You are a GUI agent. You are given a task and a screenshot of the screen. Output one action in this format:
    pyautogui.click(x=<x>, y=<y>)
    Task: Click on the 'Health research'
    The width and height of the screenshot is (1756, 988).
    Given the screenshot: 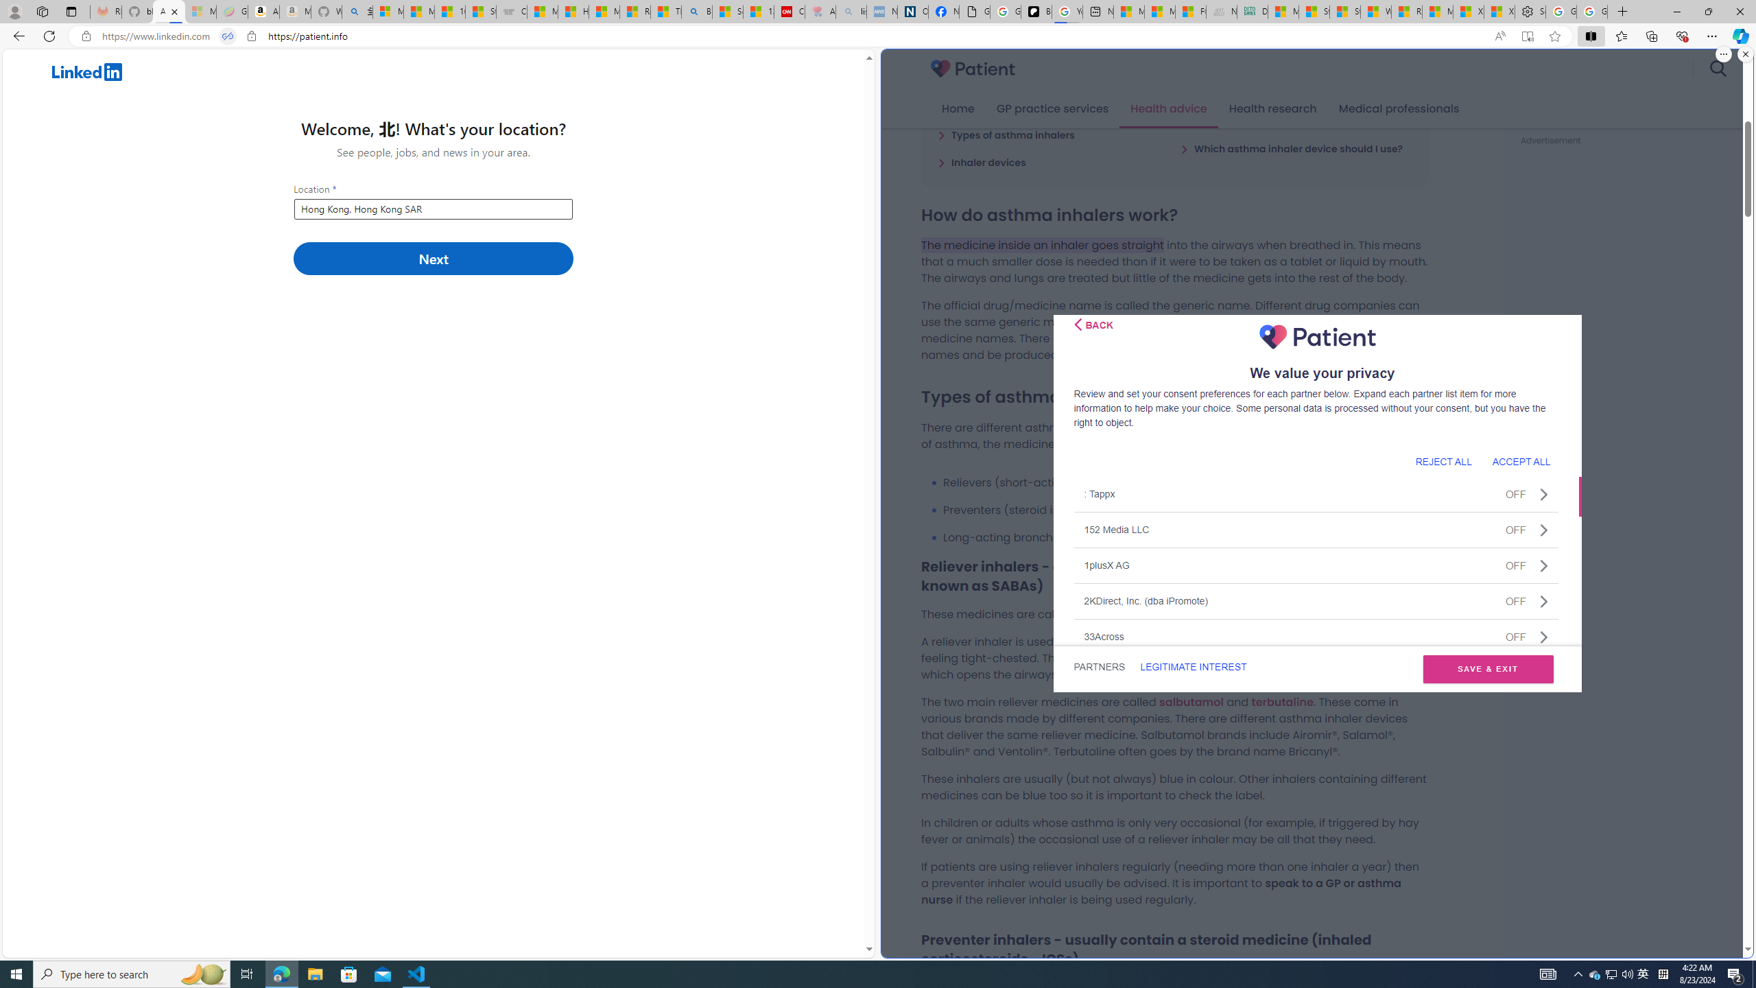 What is the action you would take?
    pyautogui.click(x=1272, y=108)
    